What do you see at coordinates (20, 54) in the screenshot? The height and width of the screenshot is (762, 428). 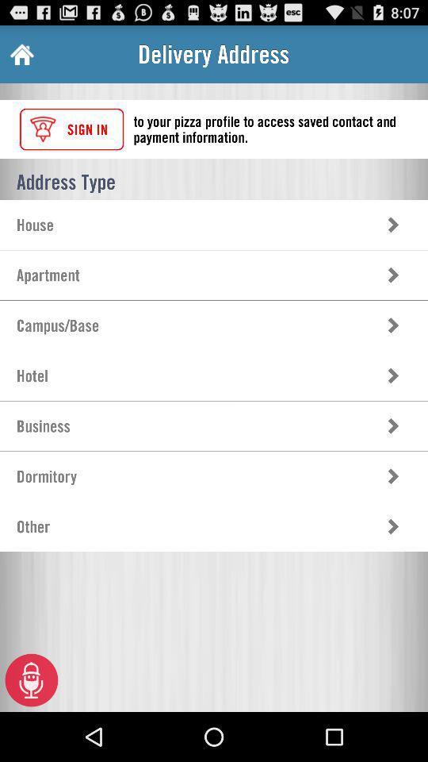 I see `icon above the sign in` at bounding box center [20, 54].